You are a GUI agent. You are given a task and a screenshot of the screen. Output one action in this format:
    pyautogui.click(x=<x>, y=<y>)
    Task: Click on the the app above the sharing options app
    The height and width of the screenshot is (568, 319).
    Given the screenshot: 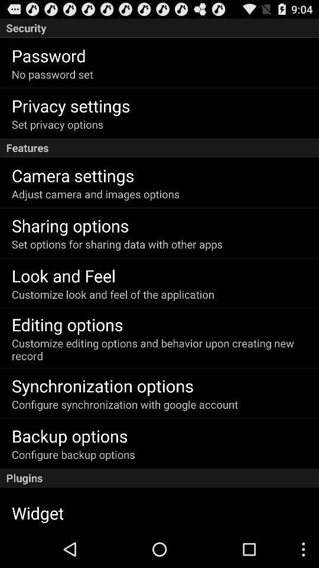 What is the action you would take?
    pyautogui.click(x=95, y=194)
    